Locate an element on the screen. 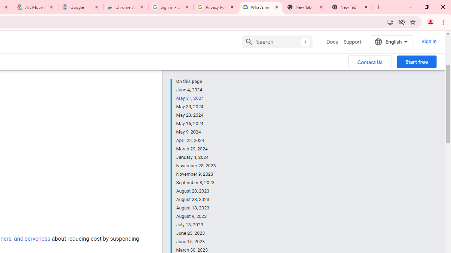  'June 4, 2024' is located at coordinates (196, 89).